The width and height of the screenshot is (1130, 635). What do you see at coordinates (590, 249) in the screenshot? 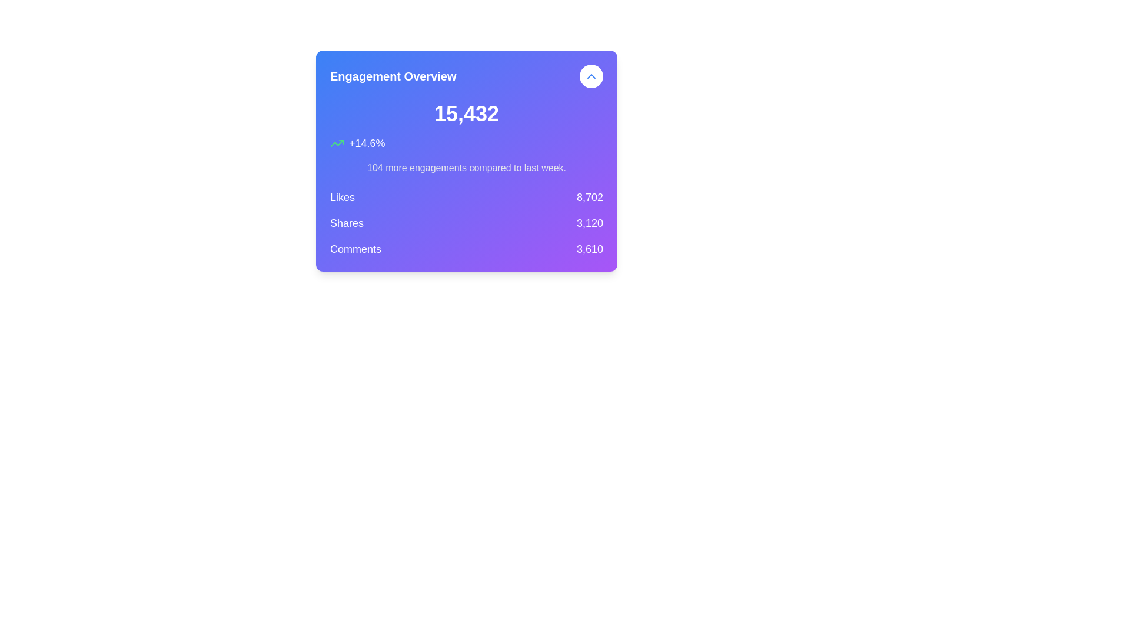
I see `the static text element that displays the count of comments, positioned to the right of the 'Comments' label` at bounding box center [590, 249].